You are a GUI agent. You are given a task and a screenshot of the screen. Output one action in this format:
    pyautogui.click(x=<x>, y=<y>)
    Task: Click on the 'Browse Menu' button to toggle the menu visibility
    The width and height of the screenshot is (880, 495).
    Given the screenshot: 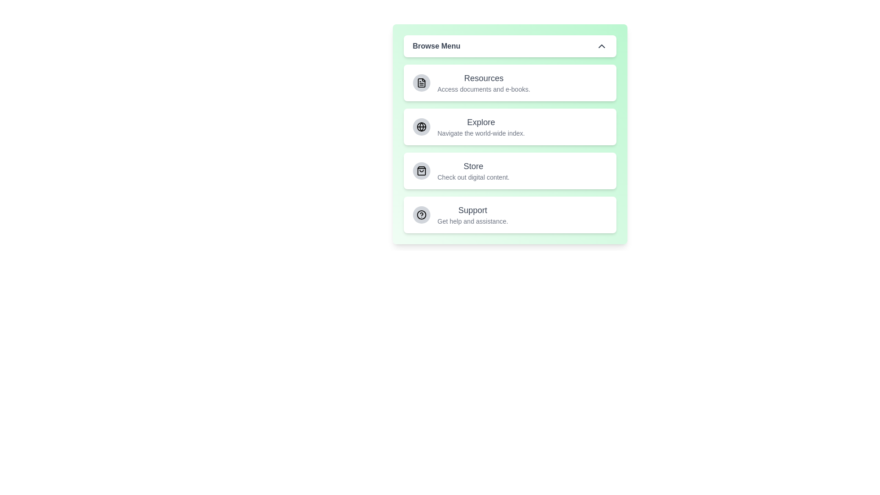 What is the action you would take?
    pyautogui.click(x=509, y=46)
    